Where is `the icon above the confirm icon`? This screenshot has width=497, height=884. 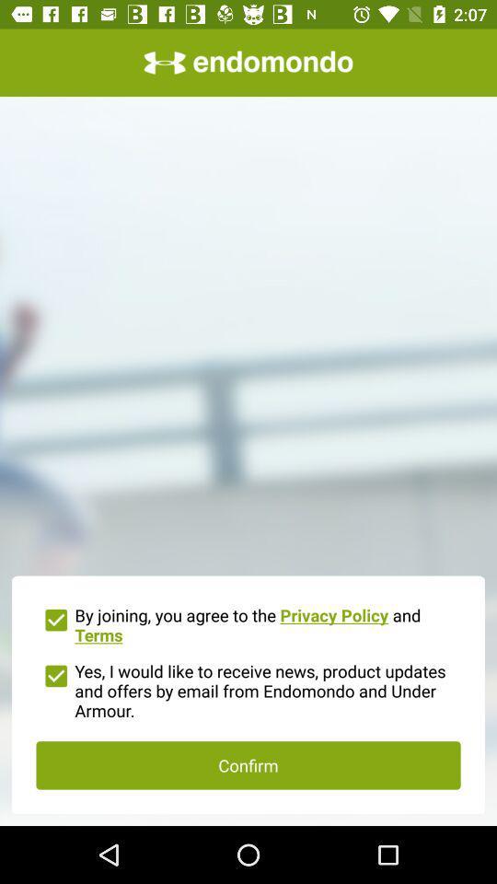 the icon above the confirm icon is located at coordinates (248, 688).